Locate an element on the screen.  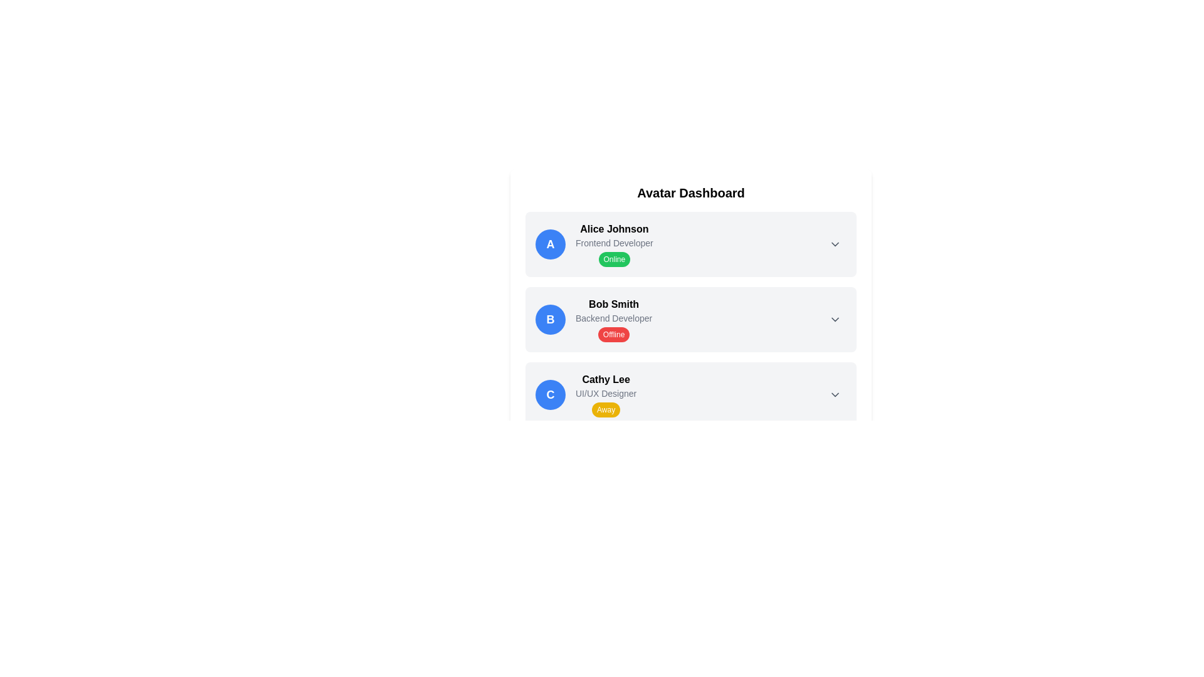
content displayed in the Information Display Group for 'Bob Smith', which includes his name, role, and availability status is located at coordinates (614, 318).